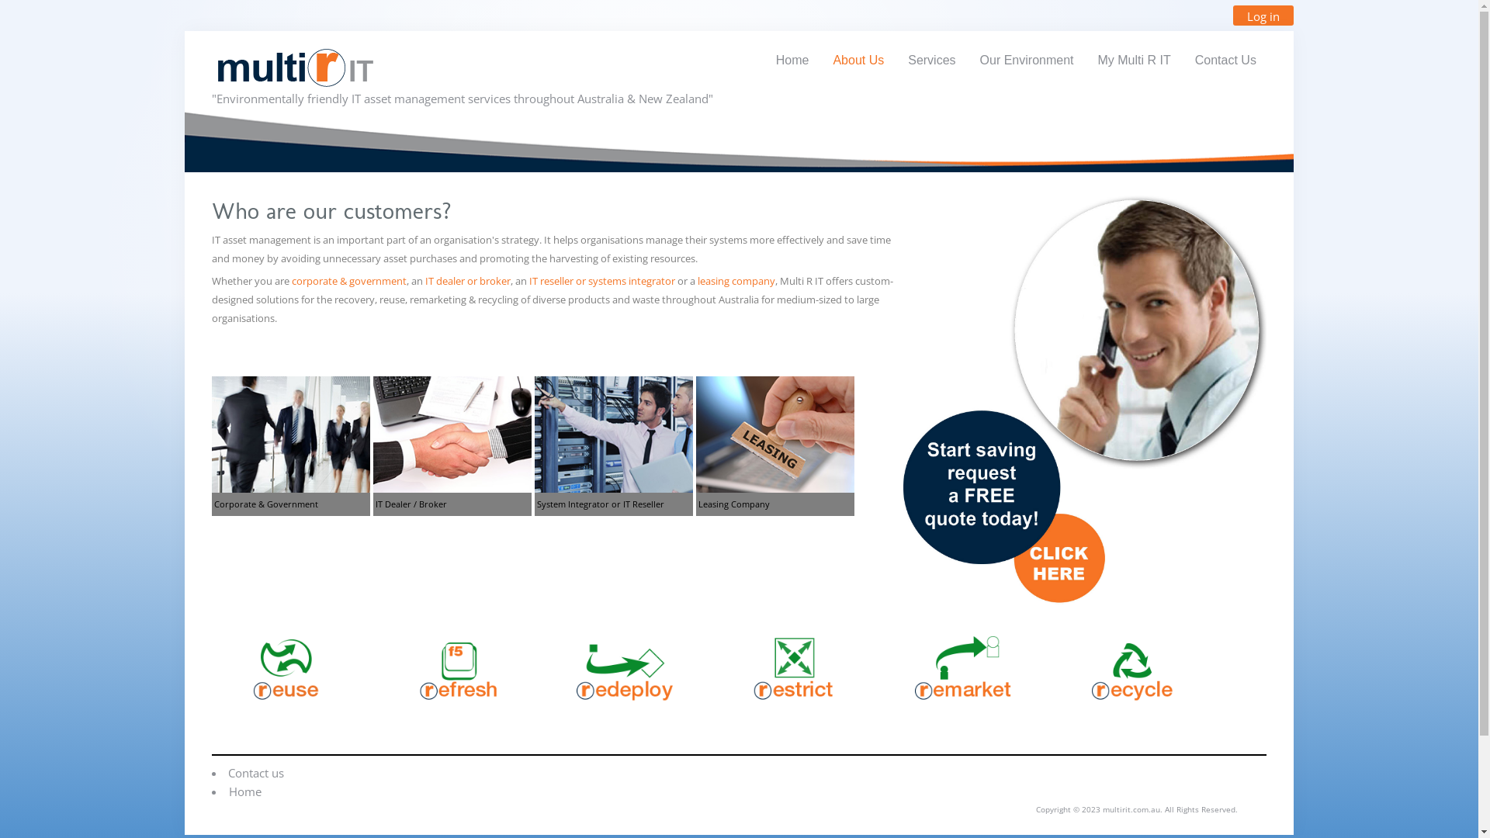 This screenshot has width=1490, height=838. What do you see at coordinates (1086, 59) in the screenshot?
I see `'My Multi R IT'` at bounding box center [1086, 59].